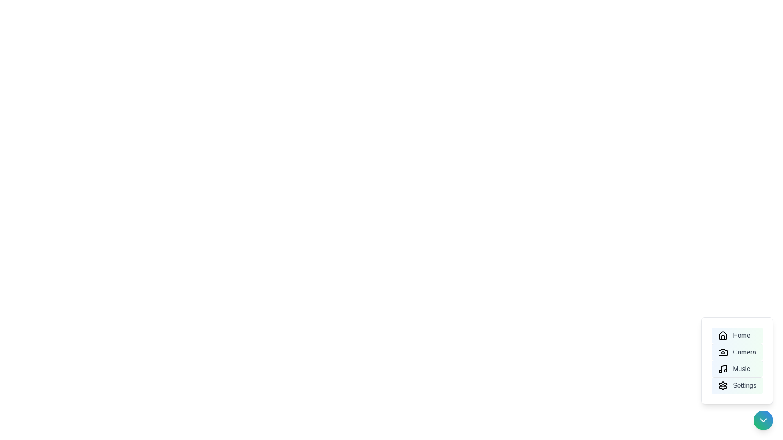 Image resolution: width=783 pixels, height=440 pixels. What do you see at coordinates (737, 385) in the screenshot?
I see `the menu option labeled Settings to trigger its action` at bounding box center [737, 385].